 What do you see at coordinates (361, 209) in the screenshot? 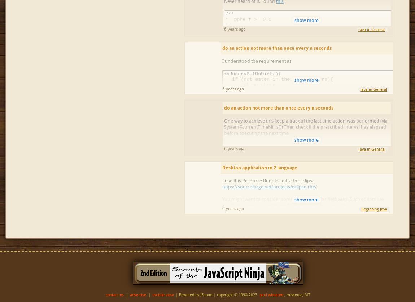
I see `'Beginning Java'` at bounding box center [361, 209].